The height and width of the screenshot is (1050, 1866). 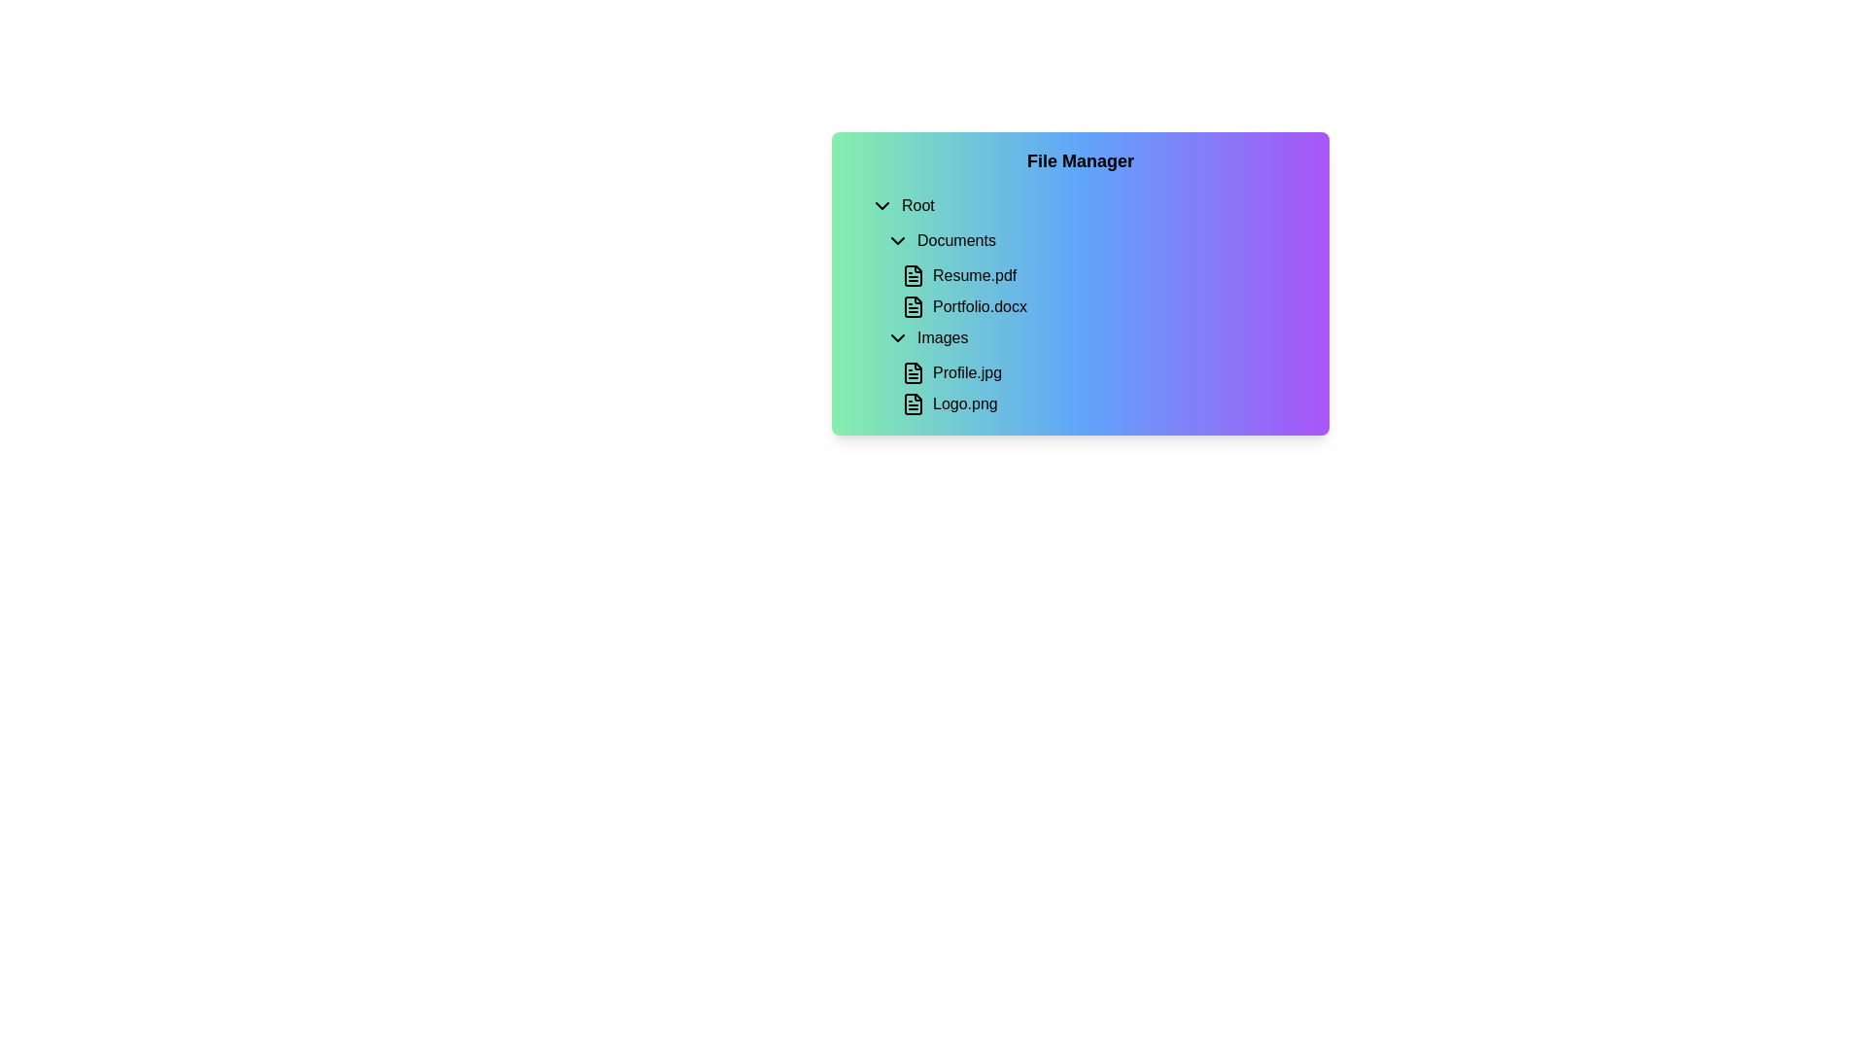 What do you see at coordinates (913, 306) in the screenshot?
I see `the document icon resembling a document with text lines, located to the left of 'Portfolio.docx' in the 'Documents' section of the file manager` at bounding box center [913, 306].